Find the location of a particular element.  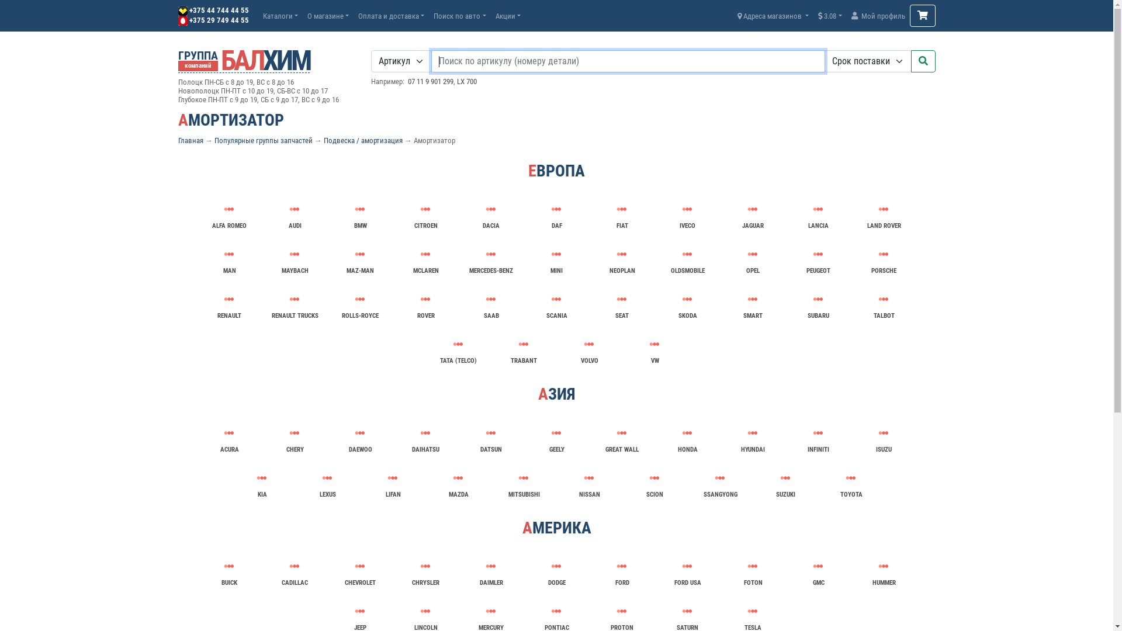

'FOTON' is located at coordinates (722, 570).